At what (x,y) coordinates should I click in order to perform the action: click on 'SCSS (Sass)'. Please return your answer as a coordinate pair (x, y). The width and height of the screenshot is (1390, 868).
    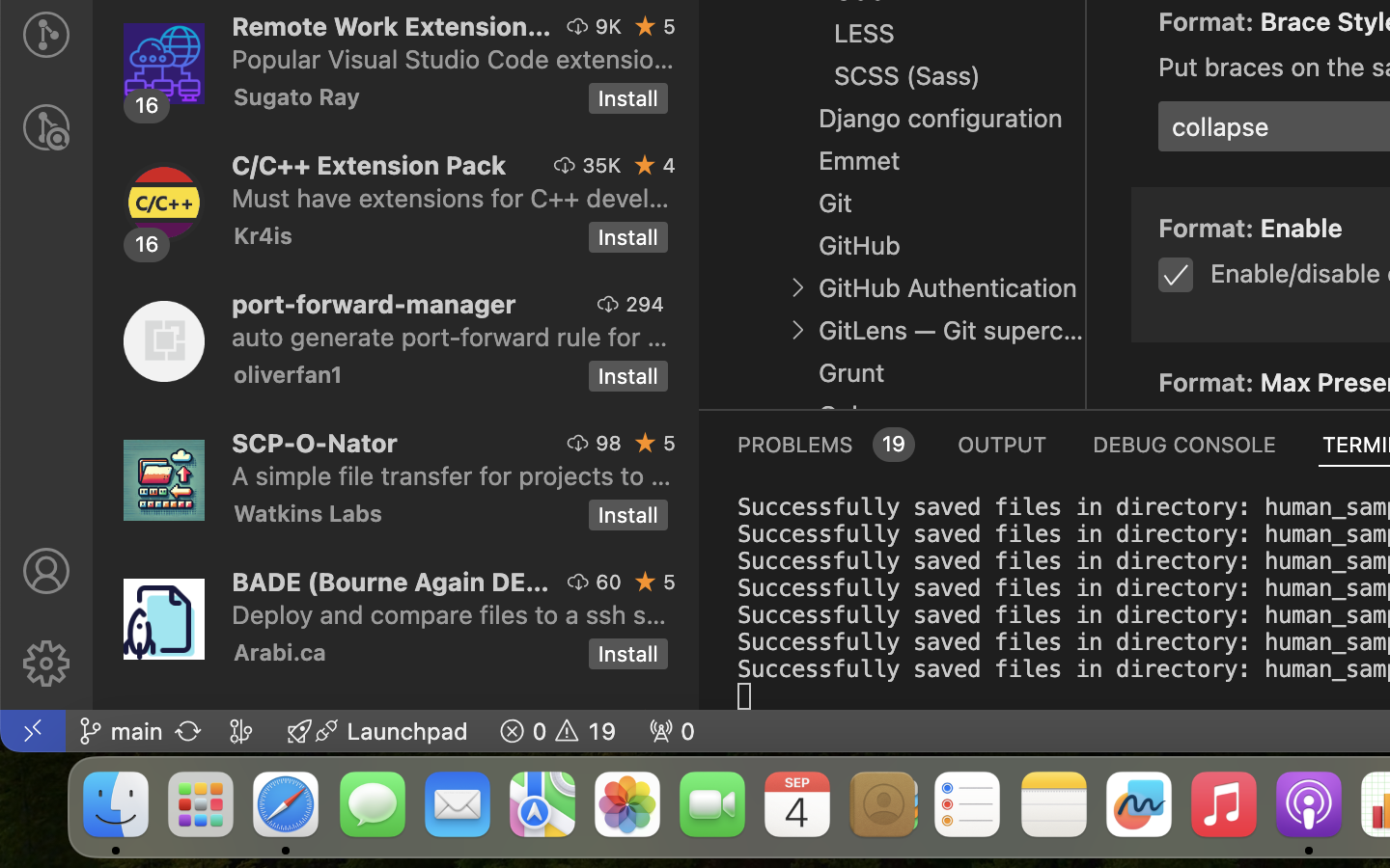
    Looking at the image, I should click on (907, 75).